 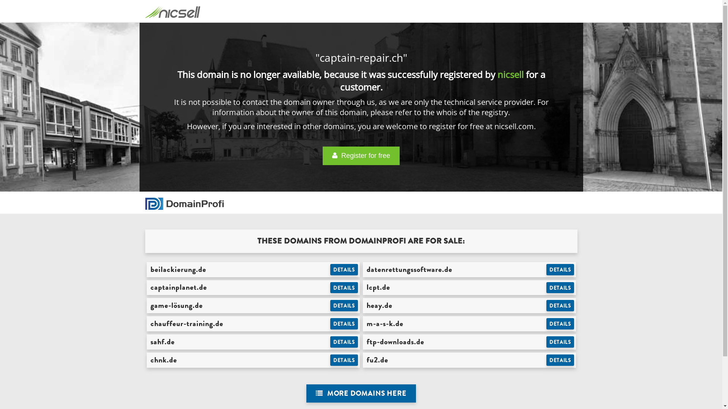 What do you see at coordinates (560, 305) in the screenshot?
I see `'DETAILS'` at bounding box center [560, 305].